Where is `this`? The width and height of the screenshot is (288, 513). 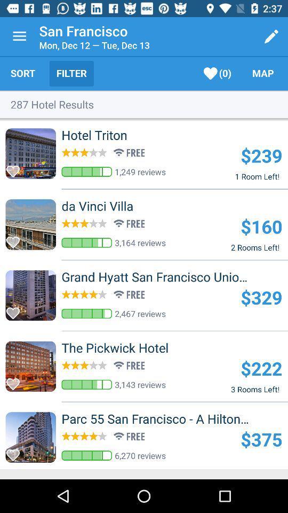
this is located at coordinates (15, 168).